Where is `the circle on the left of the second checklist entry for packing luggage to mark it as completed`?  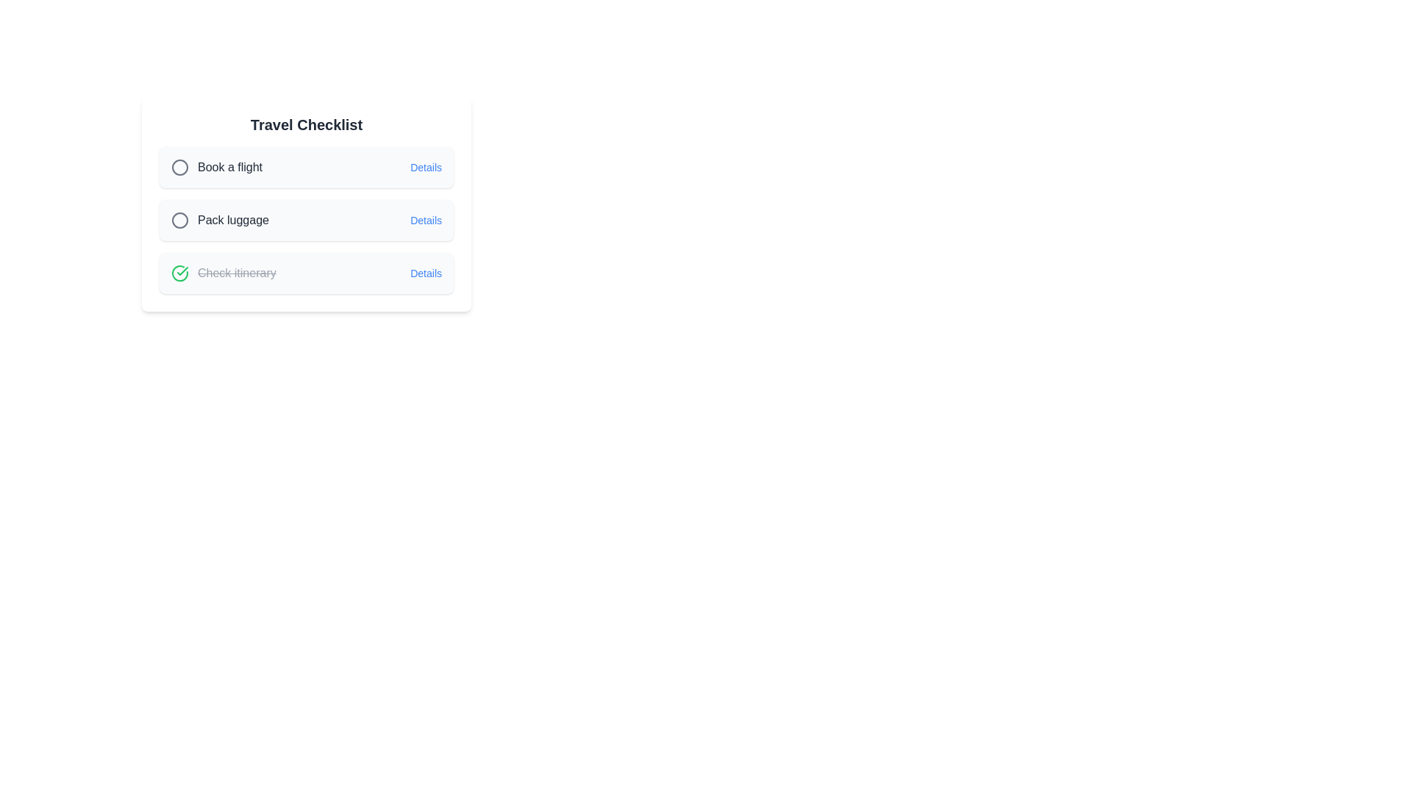
the circle on the left of the second checklist entry for packing luggage to mark it as completed is located at coordinates (306, 221).